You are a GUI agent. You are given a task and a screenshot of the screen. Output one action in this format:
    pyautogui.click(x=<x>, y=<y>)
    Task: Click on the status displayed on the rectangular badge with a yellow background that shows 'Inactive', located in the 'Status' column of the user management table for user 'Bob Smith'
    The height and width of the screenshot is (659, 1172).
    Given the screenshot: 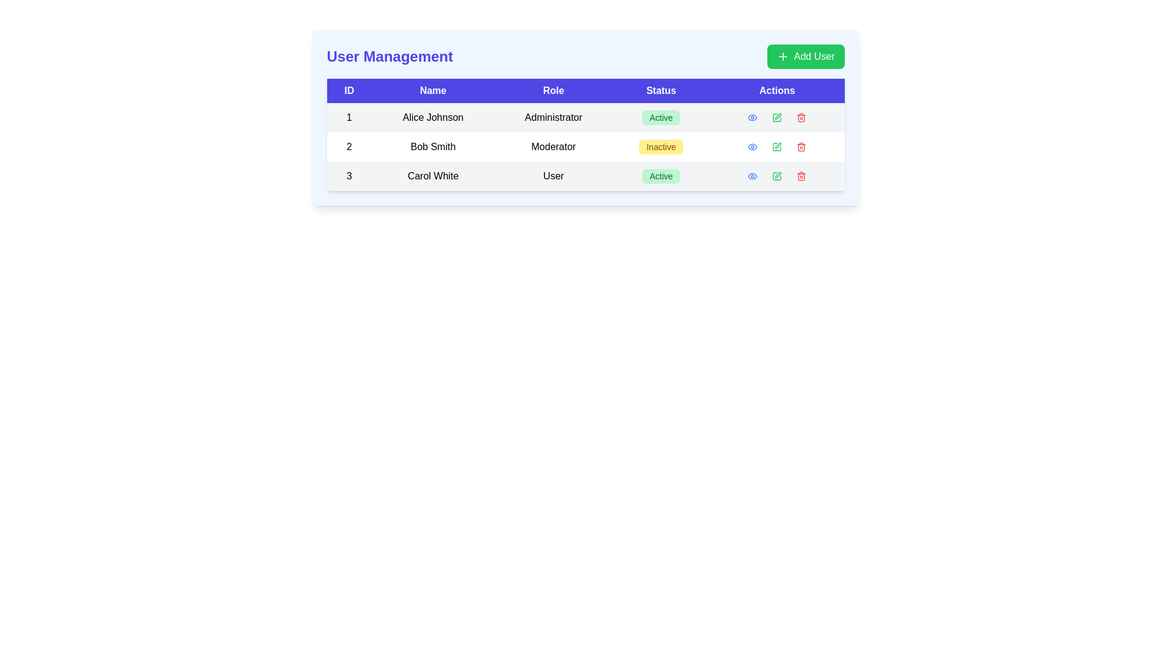 What is the action you would take?
    pyautogui.click(x=660, y=146)
    